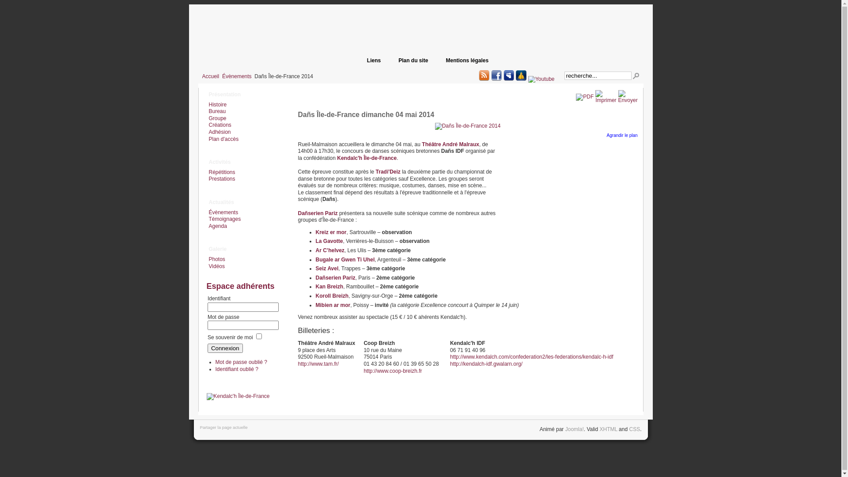  What do you see at coordinates (315, 231) in the screenshot?
I see `'Kreiz er mor'` at bounding box center [315, 231].